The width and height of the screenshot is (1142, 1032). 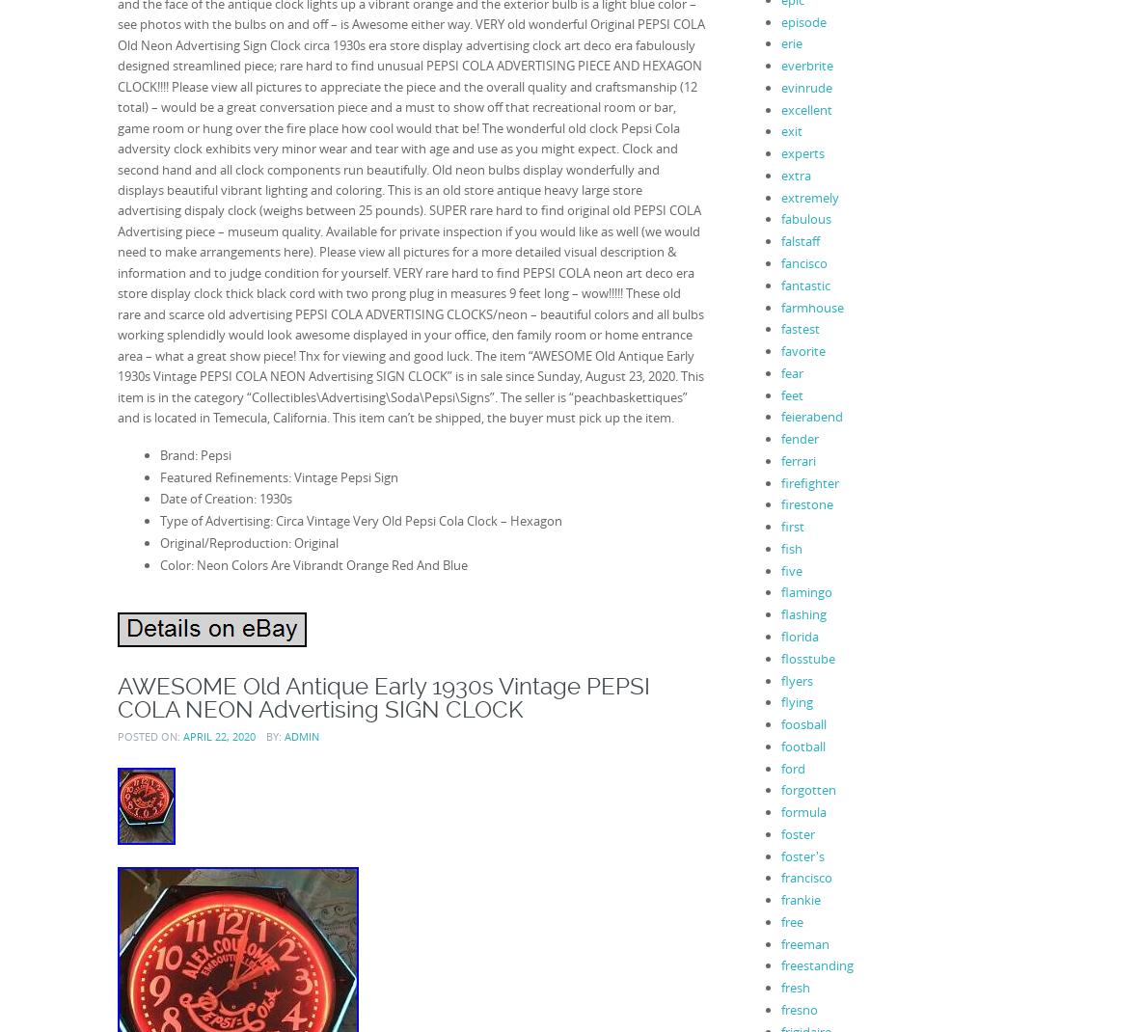 What do you see at coordinates (798, 460) in the screenshot?
I see `'ferrari'` at bounding box center [798, 460].